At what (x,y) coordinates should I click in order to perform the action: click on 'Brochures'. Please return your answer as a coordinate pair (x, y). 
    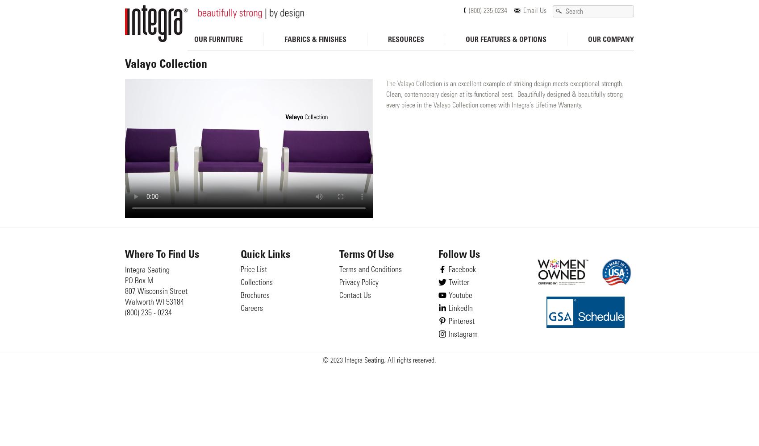
    Looking at the image, I should click on (254, 296).